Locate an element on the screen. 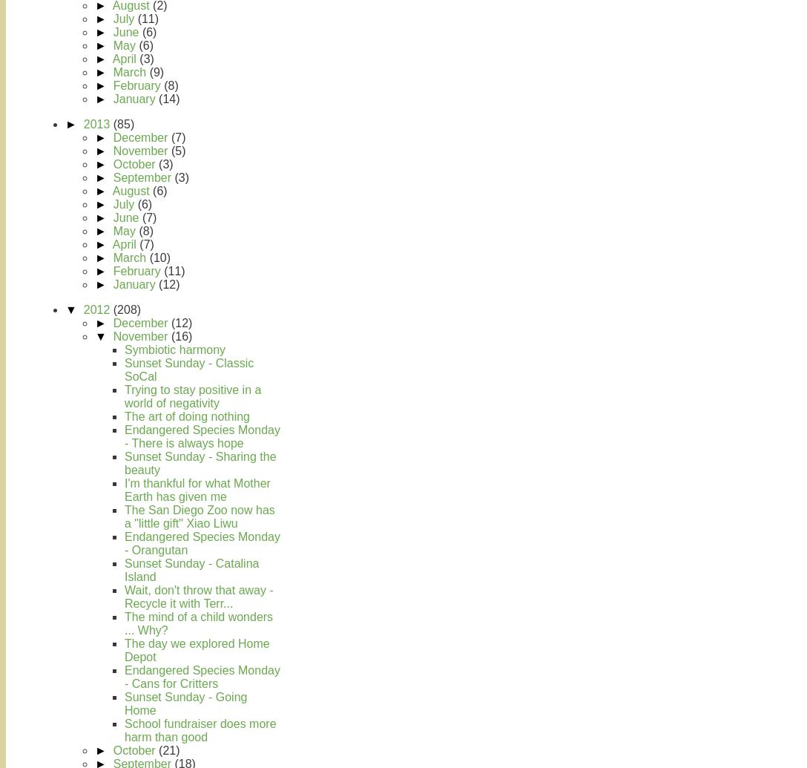 The image size is (807, 768). '(16)' is located at coordinates (180, 336).